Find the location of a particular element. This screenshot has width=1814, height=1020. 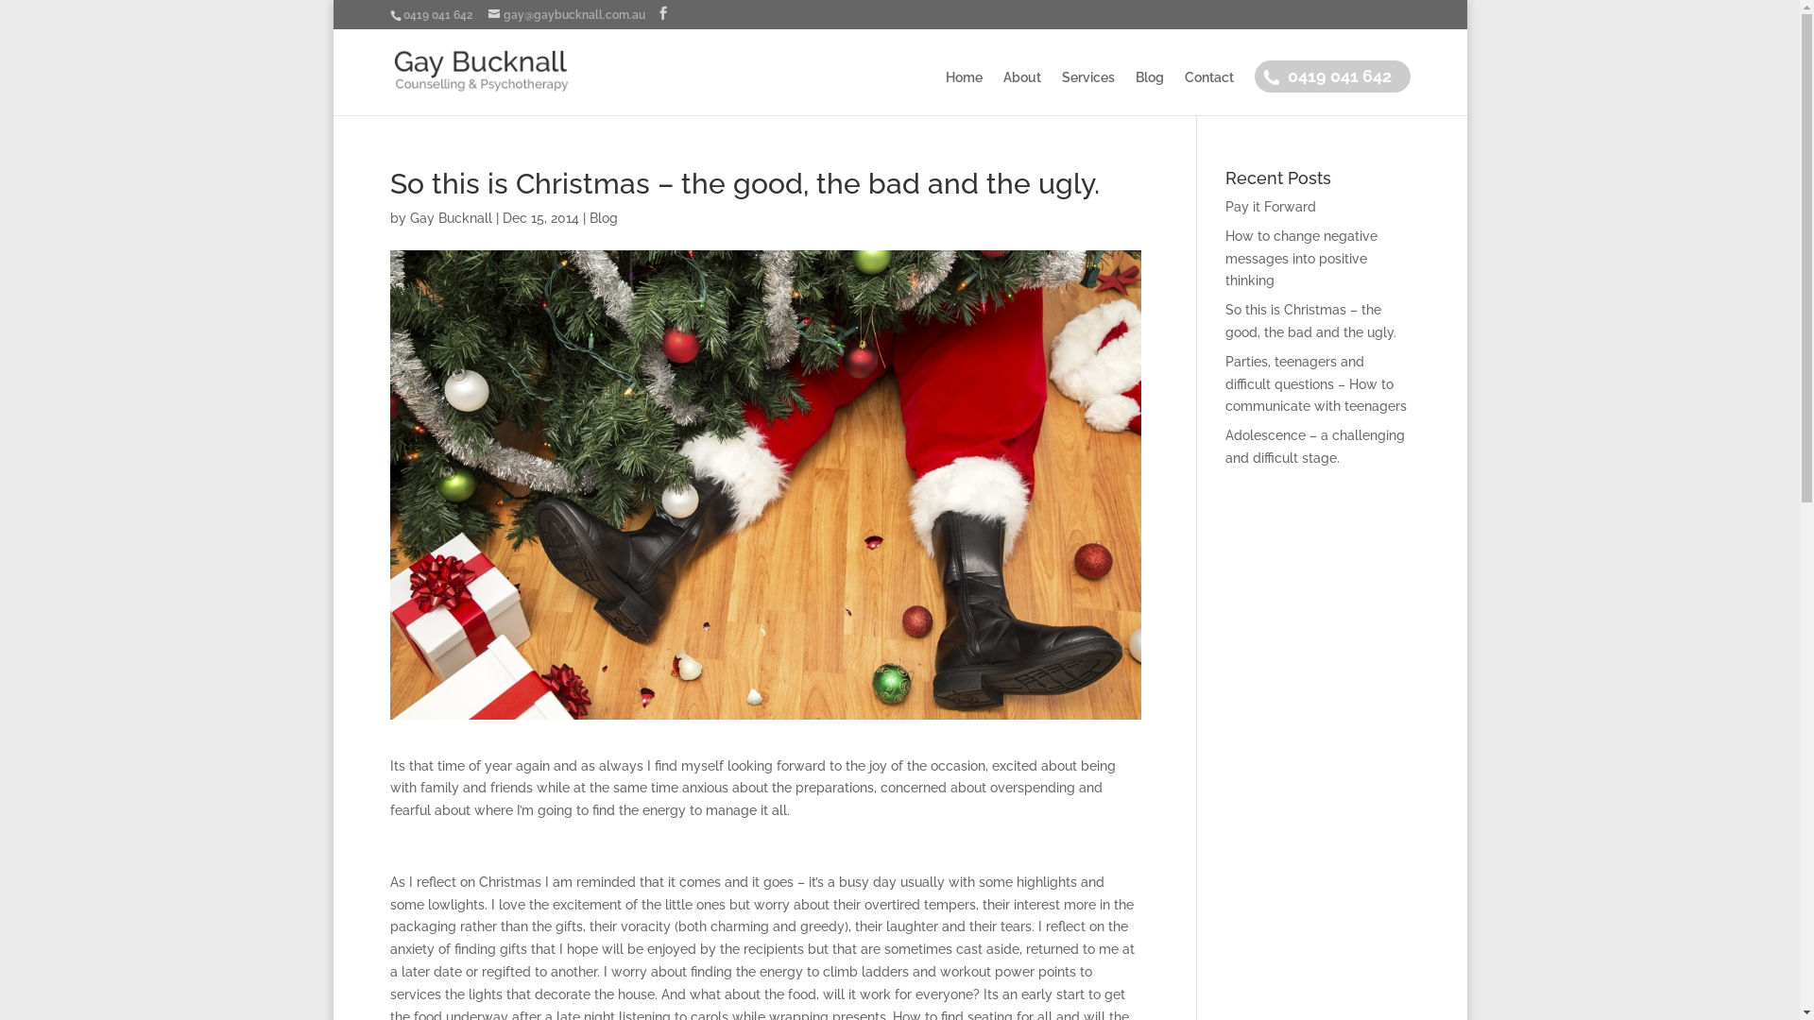

'gay@gaybucknall.com.au' is located at coordinates (565, 14).